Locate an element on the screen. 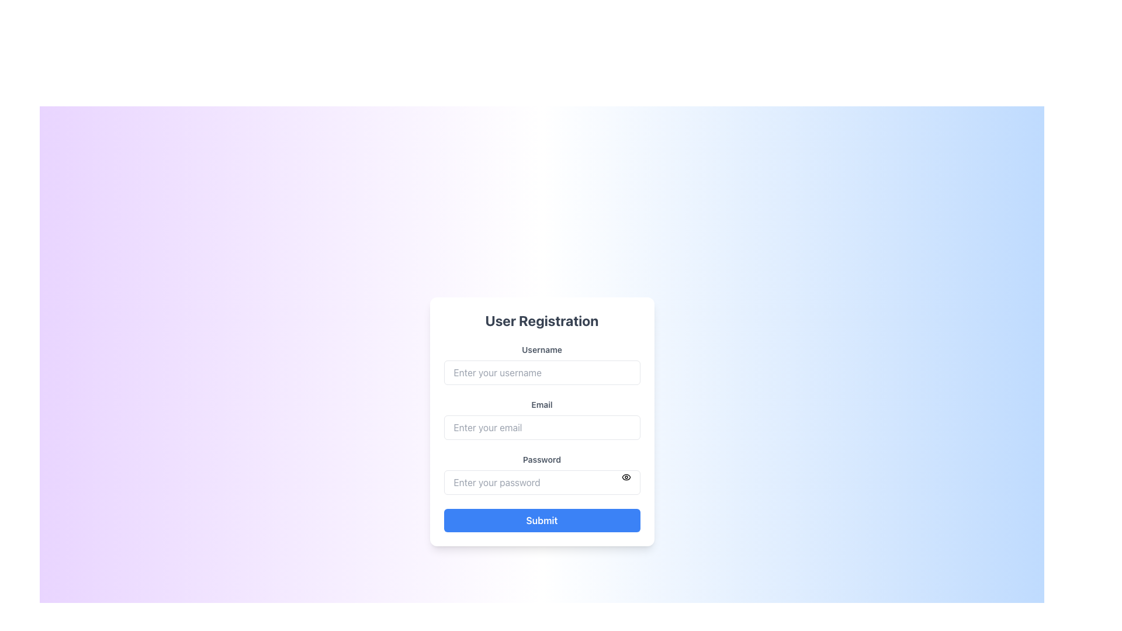 This screenshot has width=1122, height=631. the 'Email' input field to focus on it, which is the second input field on the user registration form, located between the 'Username' and 'Password' fields is located at coordinates (541, 418).